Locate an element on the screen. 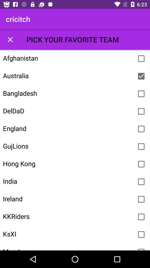  choose the country is located at coordinates (141, 199).